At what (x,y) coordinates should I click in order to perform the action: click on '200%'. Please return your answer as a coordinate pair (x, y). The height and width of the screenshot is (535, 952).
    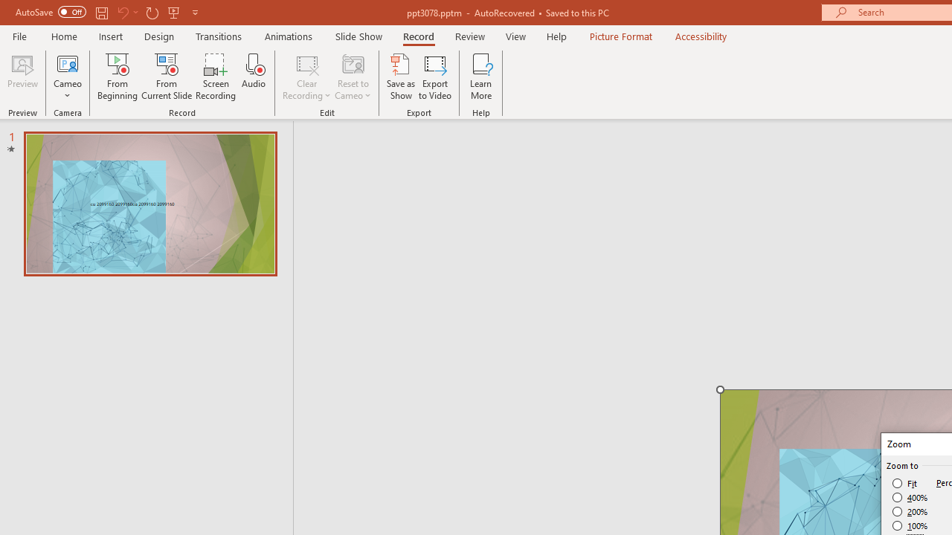
    Looking at the image, I should click on (910, 511).